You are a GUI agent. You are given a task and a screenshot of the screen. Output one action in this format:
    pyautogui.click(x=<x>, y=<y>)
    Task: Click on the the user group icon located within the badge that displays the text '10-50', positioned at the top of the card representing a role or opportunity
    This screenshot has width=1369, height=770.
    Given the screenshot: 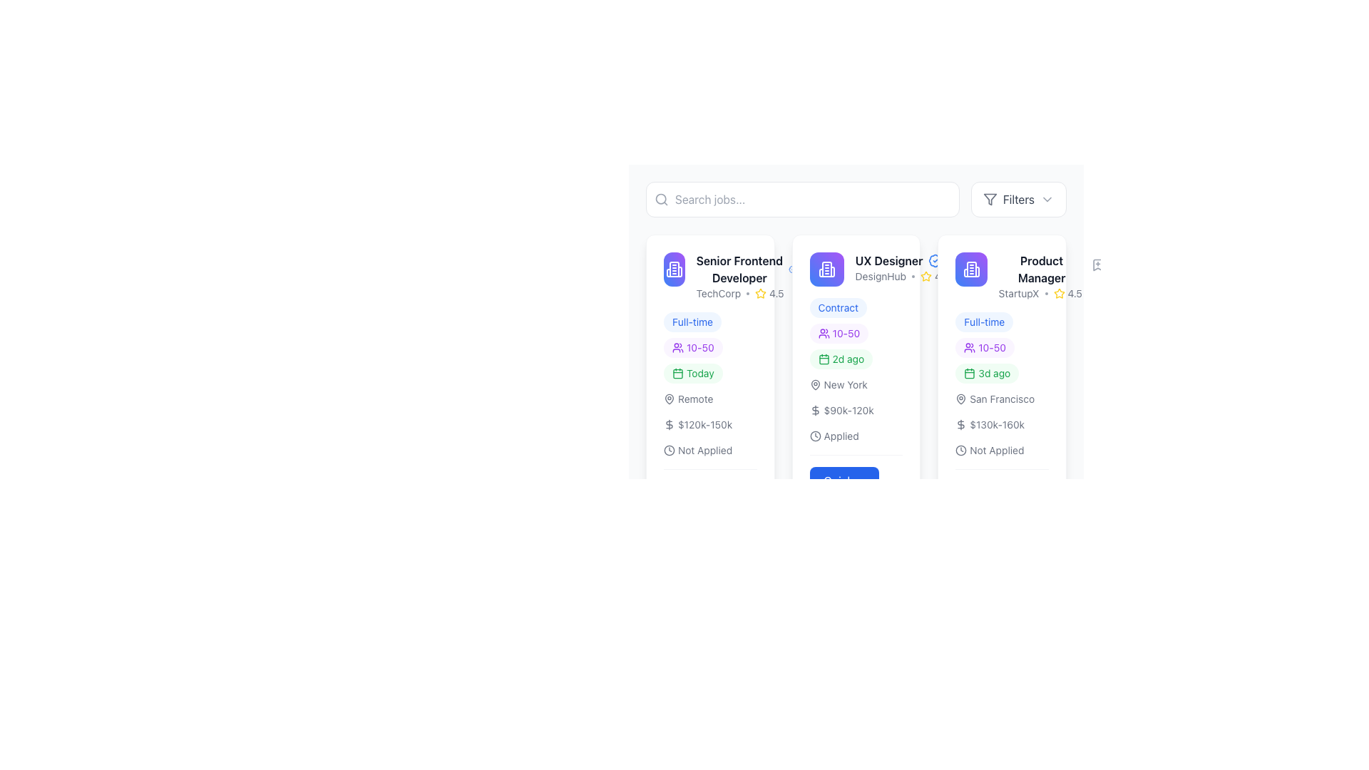 What is the action you would take?
    pyautogui.click(x=824, y=333)
    